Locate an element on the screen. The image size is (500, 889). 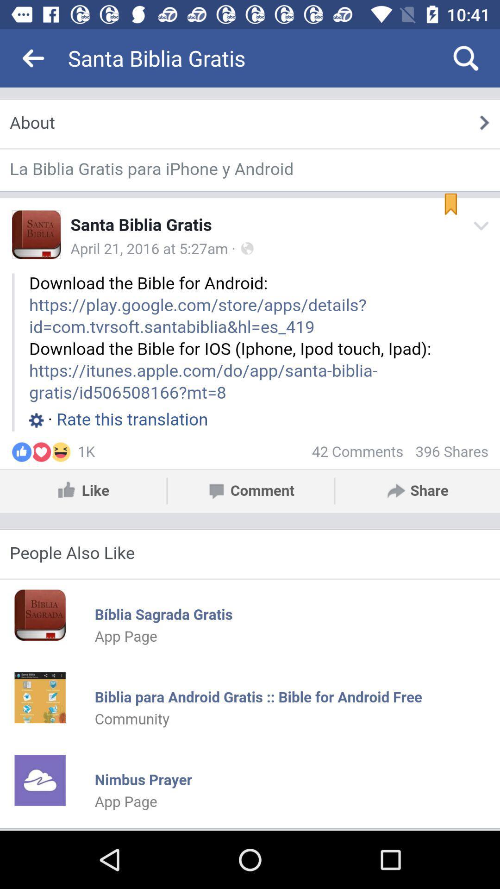
the item at the top left corner is located at coordinates (33, 57).